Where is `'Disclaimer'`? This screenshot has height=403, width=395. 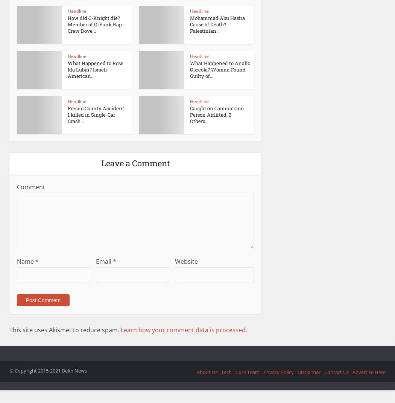
'Disclaimer' is located at coordinates (297, 371).